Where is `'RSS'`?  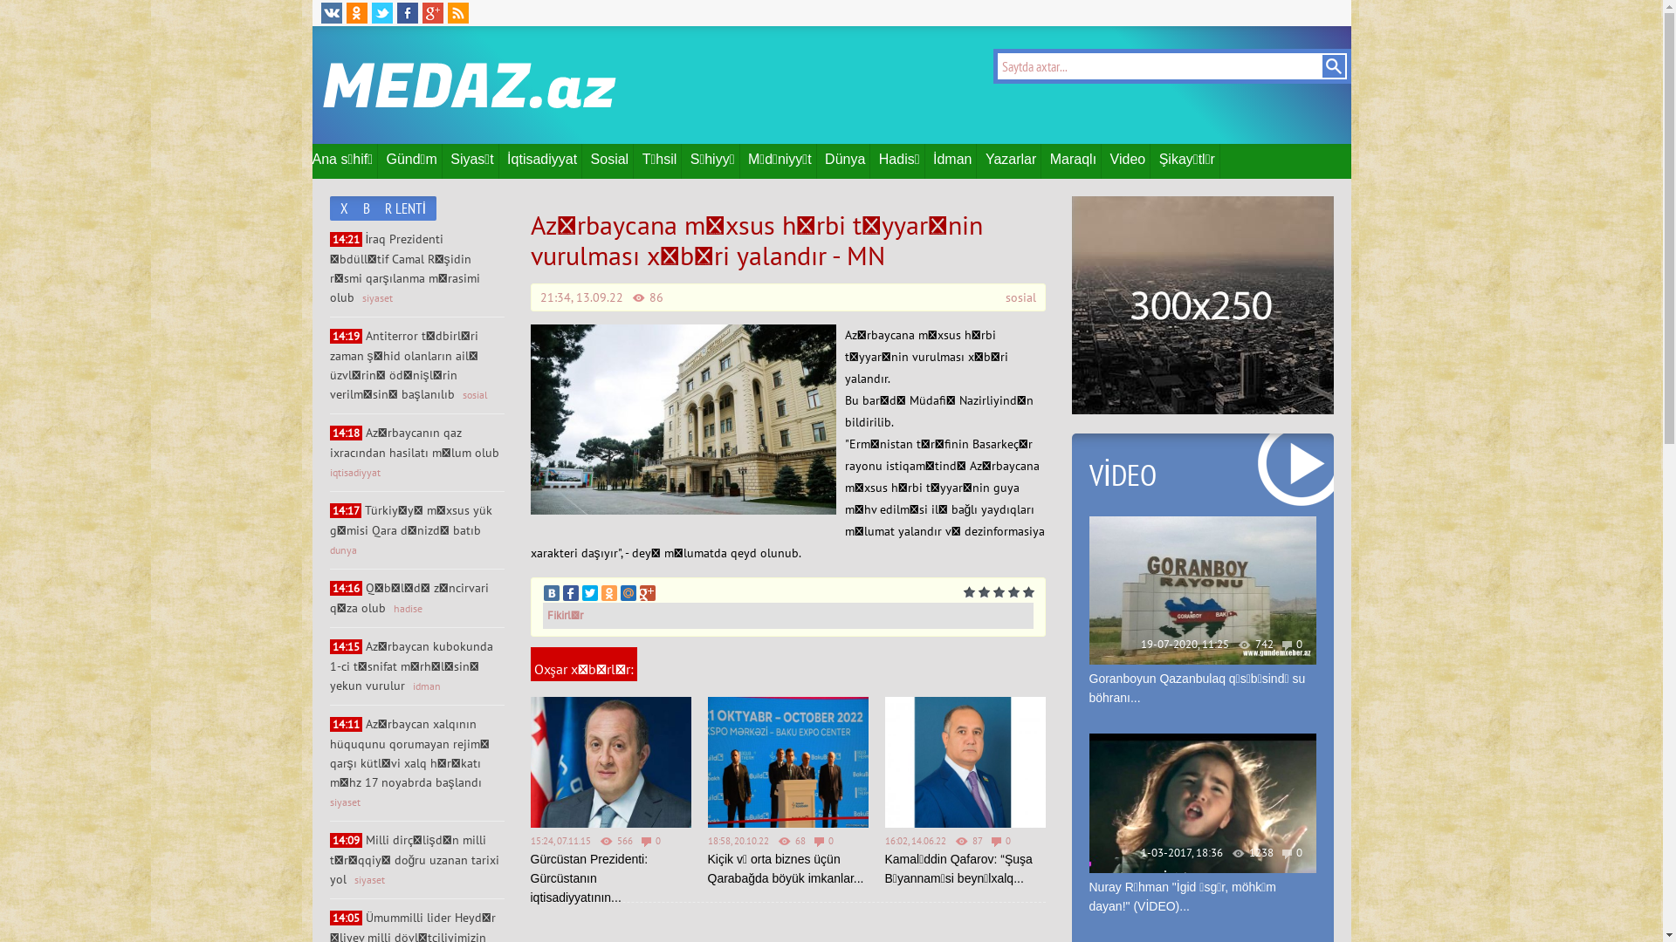
'RSS' is located at coordinates (457, 13).